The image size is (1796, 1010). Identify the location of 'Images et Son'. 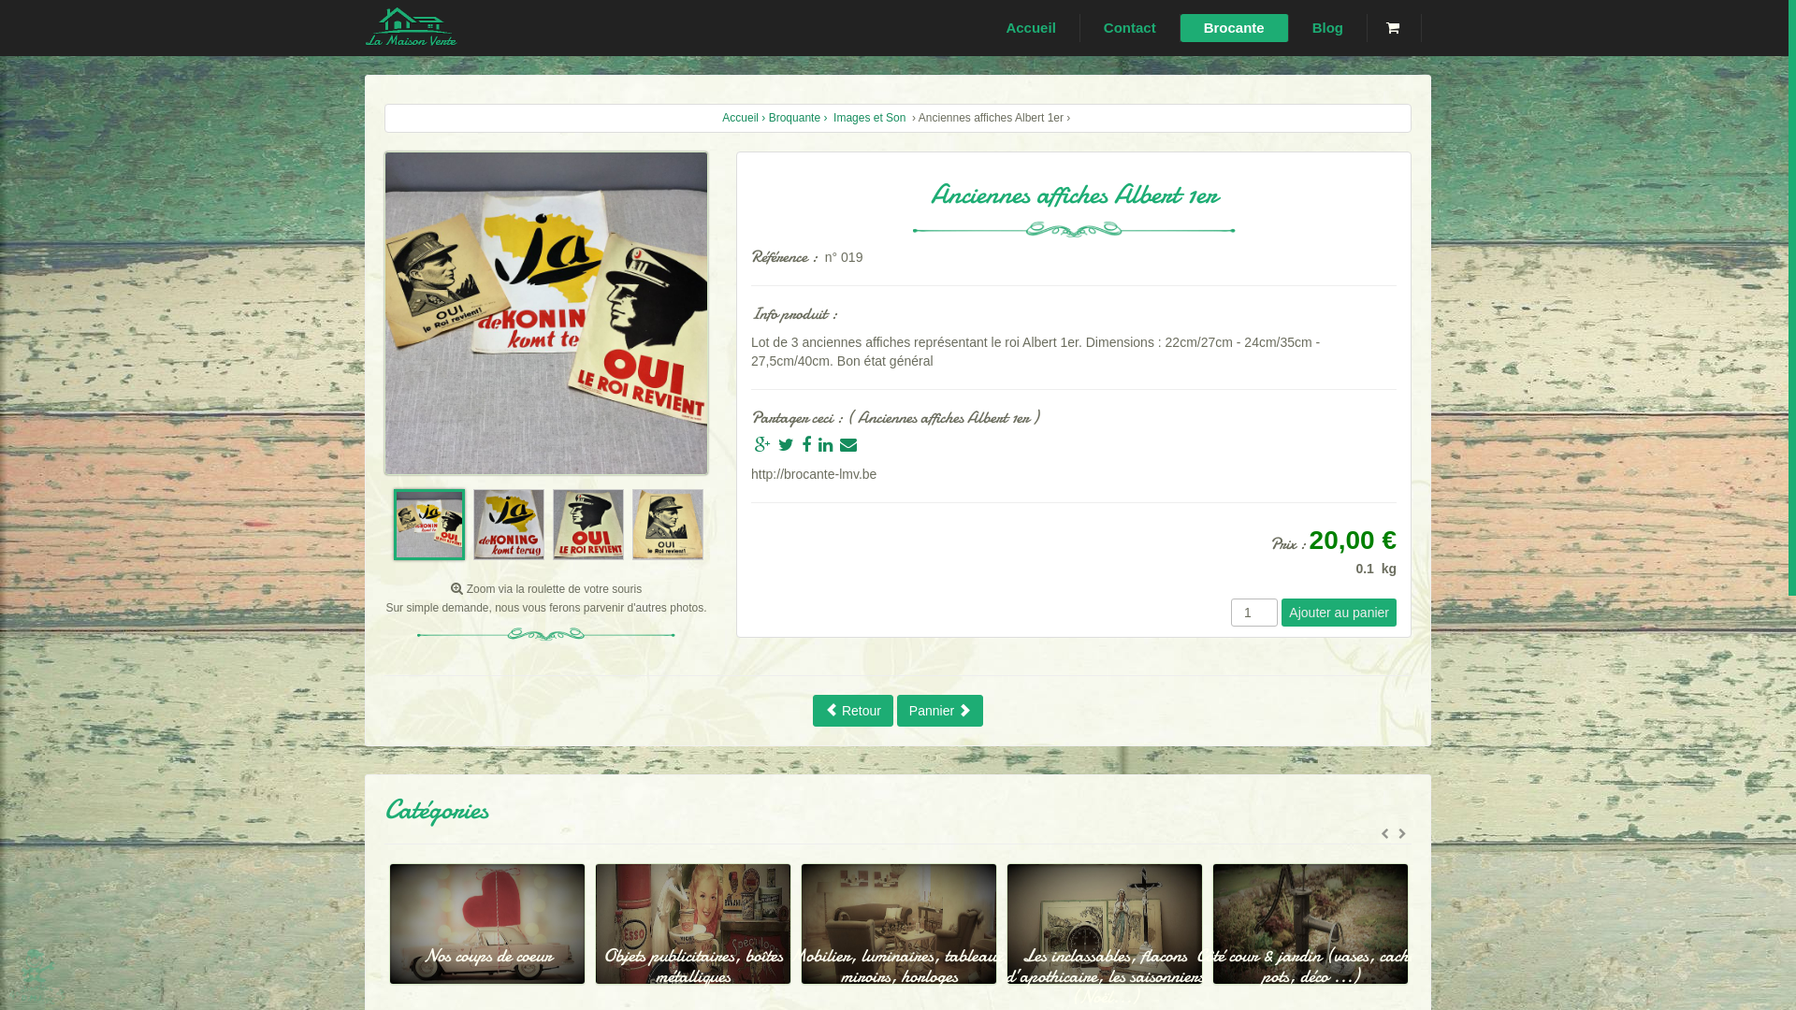
(869, 118).